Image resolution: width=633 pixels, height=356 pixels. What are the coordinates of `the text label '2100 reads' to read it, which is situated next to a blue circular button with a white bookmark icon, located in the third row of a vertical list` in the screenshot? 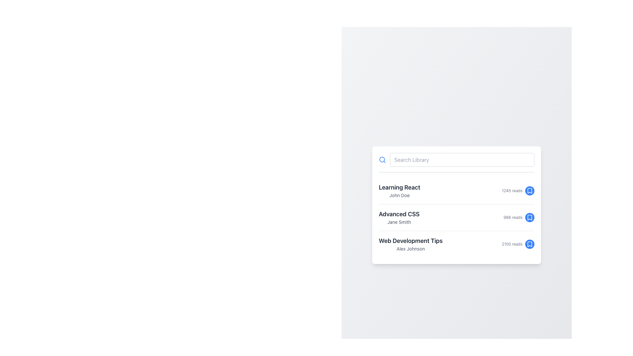 It's located at (518, 244).